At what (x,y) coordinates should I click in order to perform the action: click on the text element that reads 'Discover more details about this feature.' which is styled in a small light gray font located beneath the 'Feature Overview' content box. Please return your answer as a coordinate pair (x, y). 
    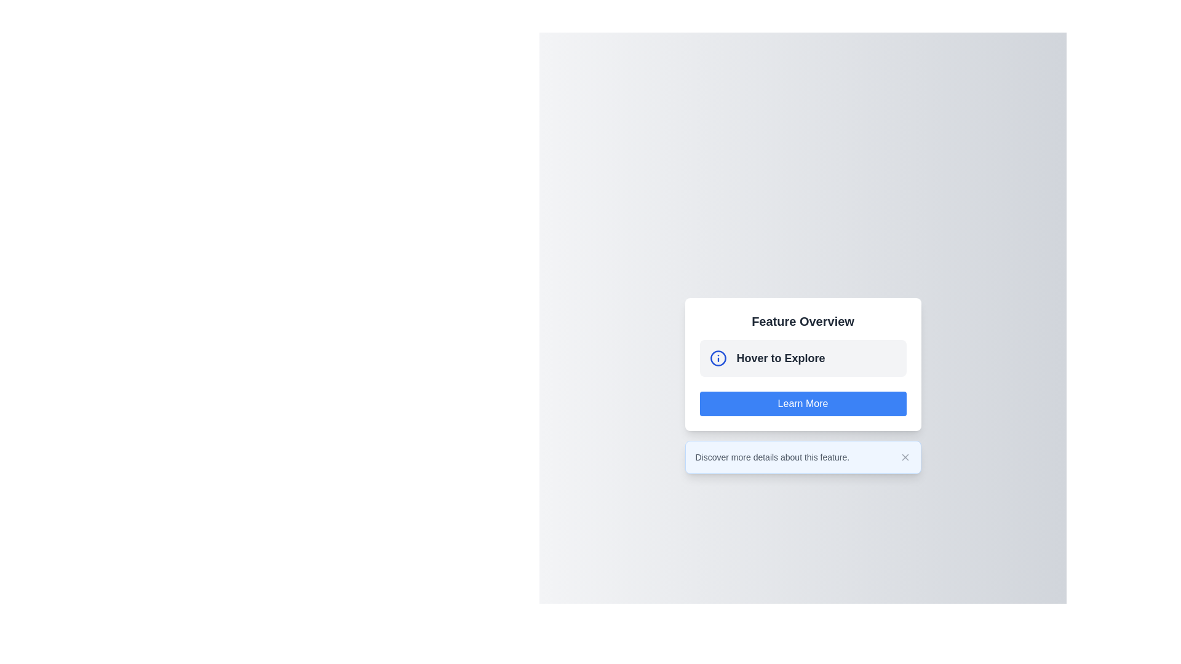
    Looking at the image, I should click on (771, 457).